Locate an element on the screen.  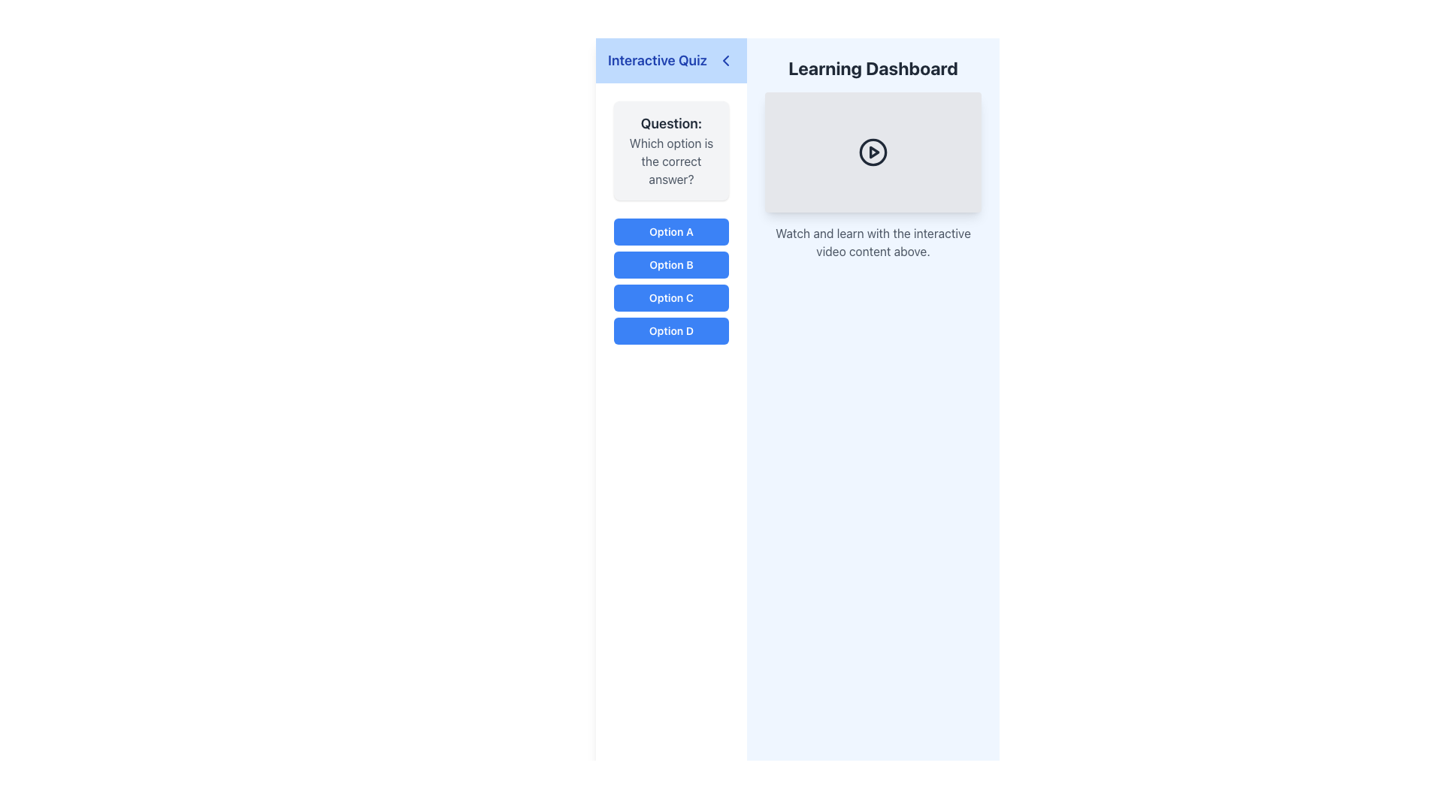
the left-pointing blue chevron icon located near the top left of the 'Interactive Quiz' header section is located at coordinates (725, 60).